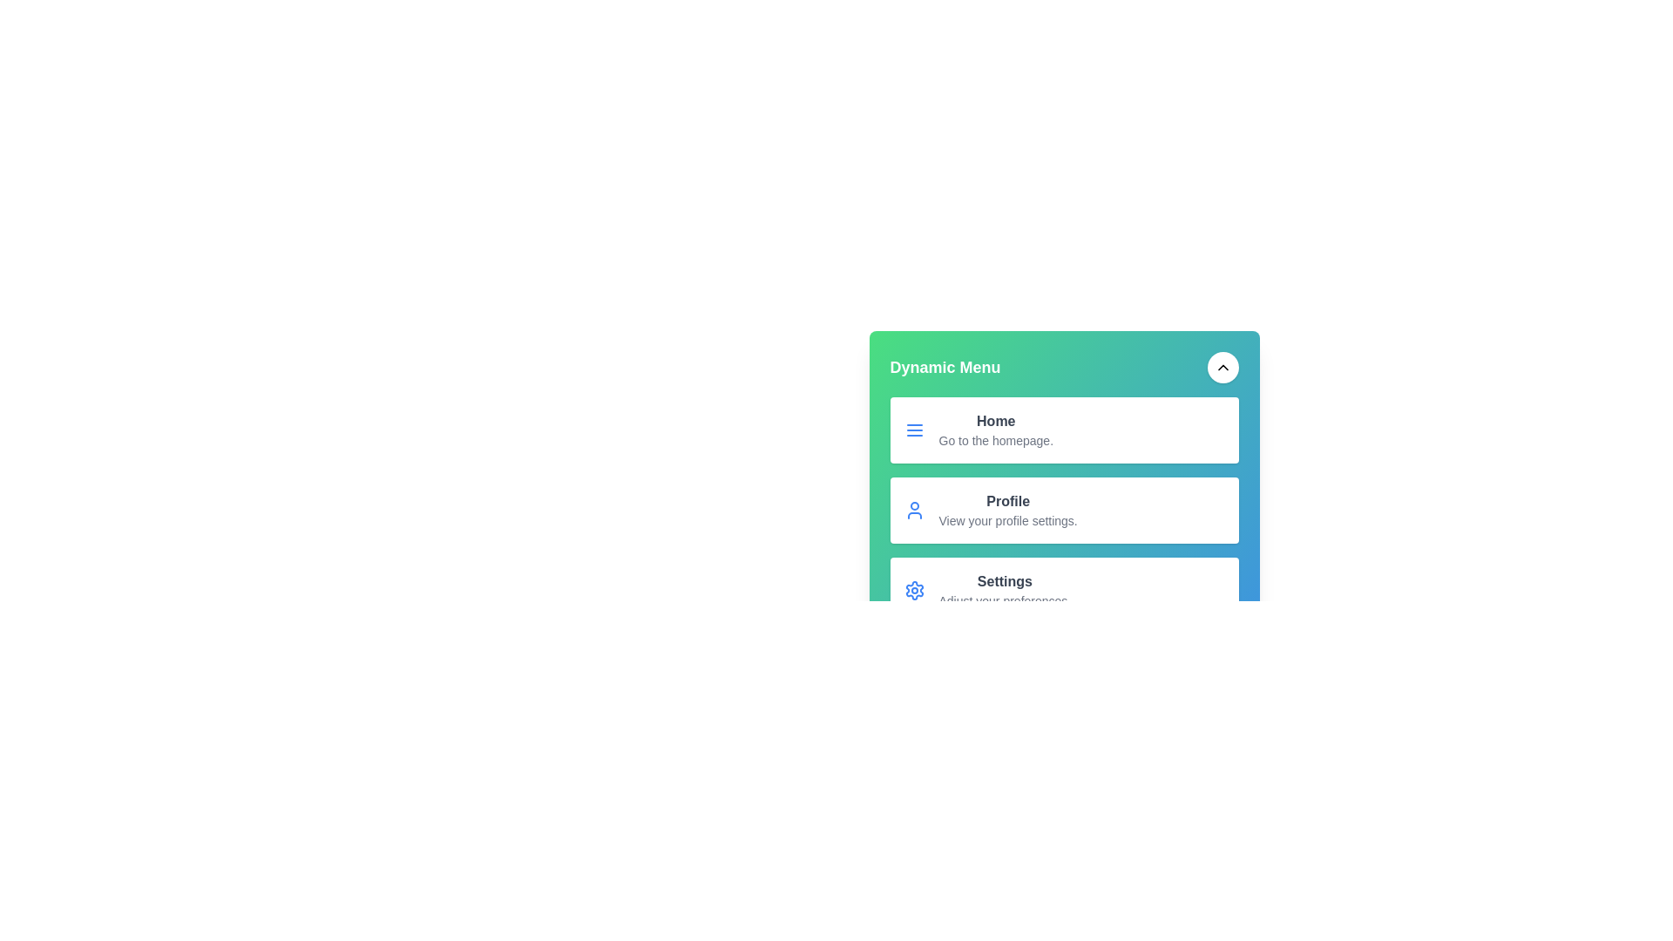  What do you see at coordinates (913, 510) in the screenshot?
I see `the user-related options icon located to the left of the 'Profile' text within the menu labeled 'Profile'` at bounding box center [913, 510].